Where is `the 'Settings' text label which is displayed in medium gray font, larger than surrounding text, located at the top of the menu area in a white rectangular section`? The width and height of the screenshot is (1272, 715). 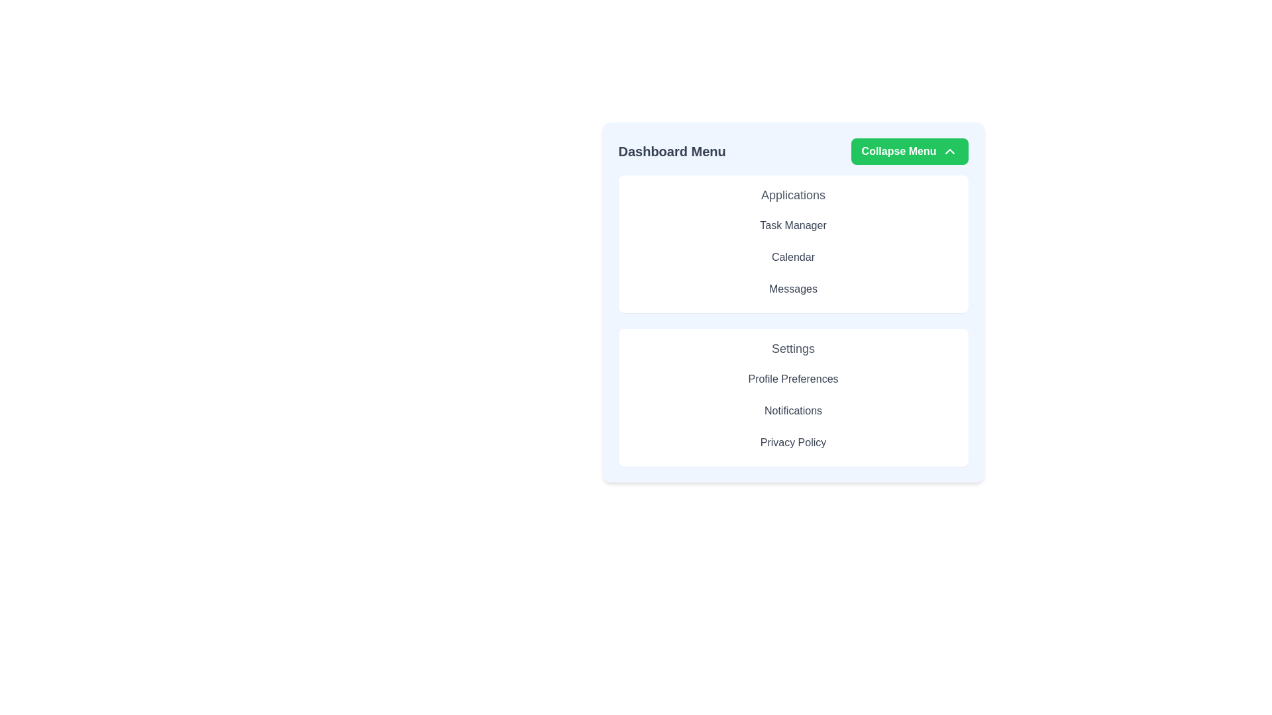
the 'Settings' text label which is displayed in medium gray font, larger than surrounding text, located at the top of the menu area in a white rectangular section is located at coordinates (793, 348).